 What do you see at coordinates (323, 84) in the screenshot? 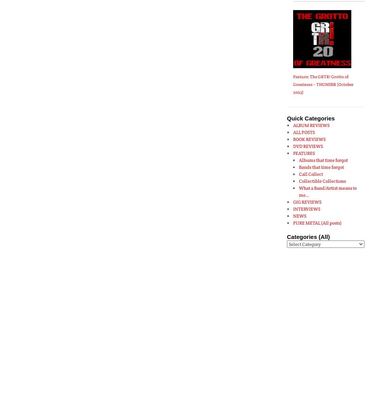
I see `'Feature: The GRTR! Grotto of Greatness – THUNDER (October 2023)'` at bounding box center [323, 84].